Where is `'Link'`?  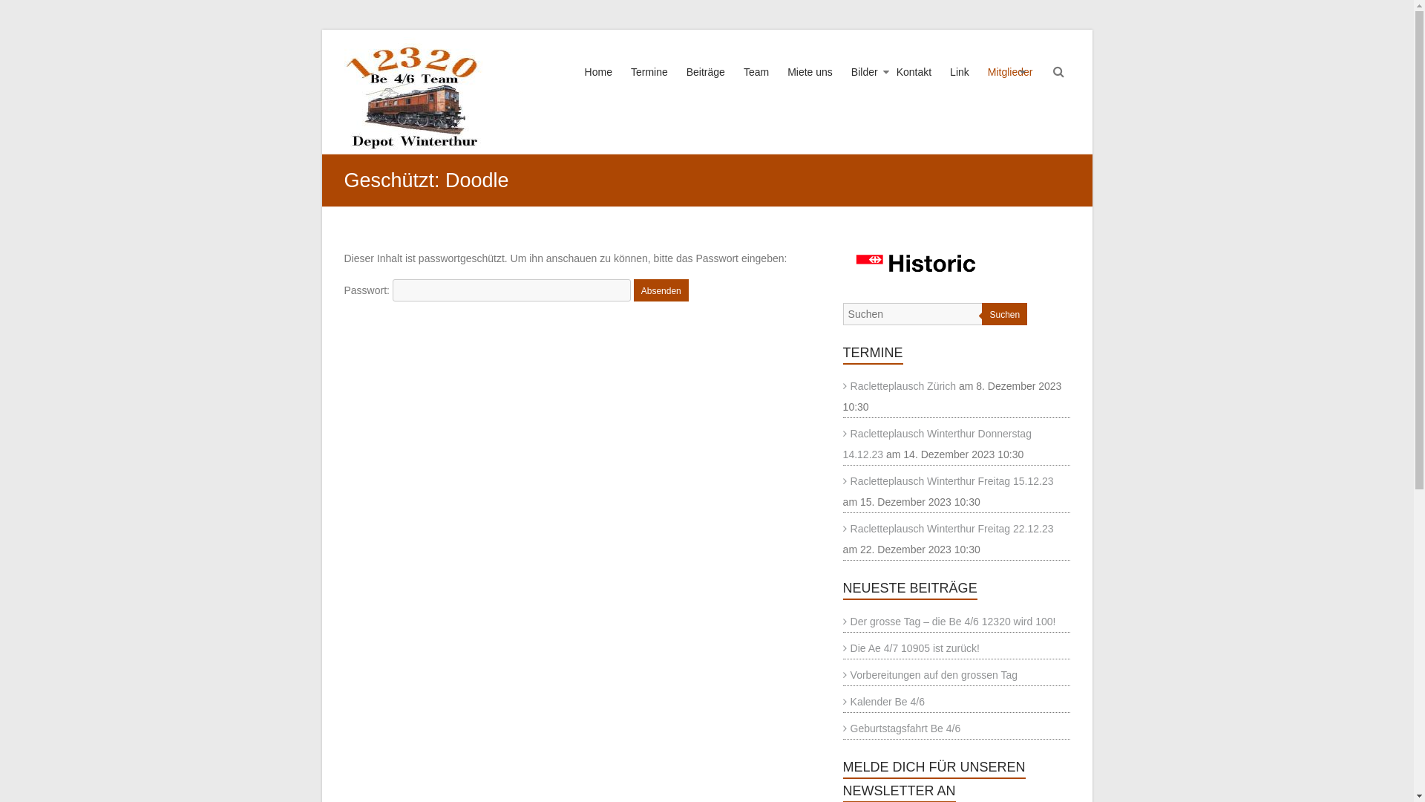
'Link' is located at coordinates (959, 85).